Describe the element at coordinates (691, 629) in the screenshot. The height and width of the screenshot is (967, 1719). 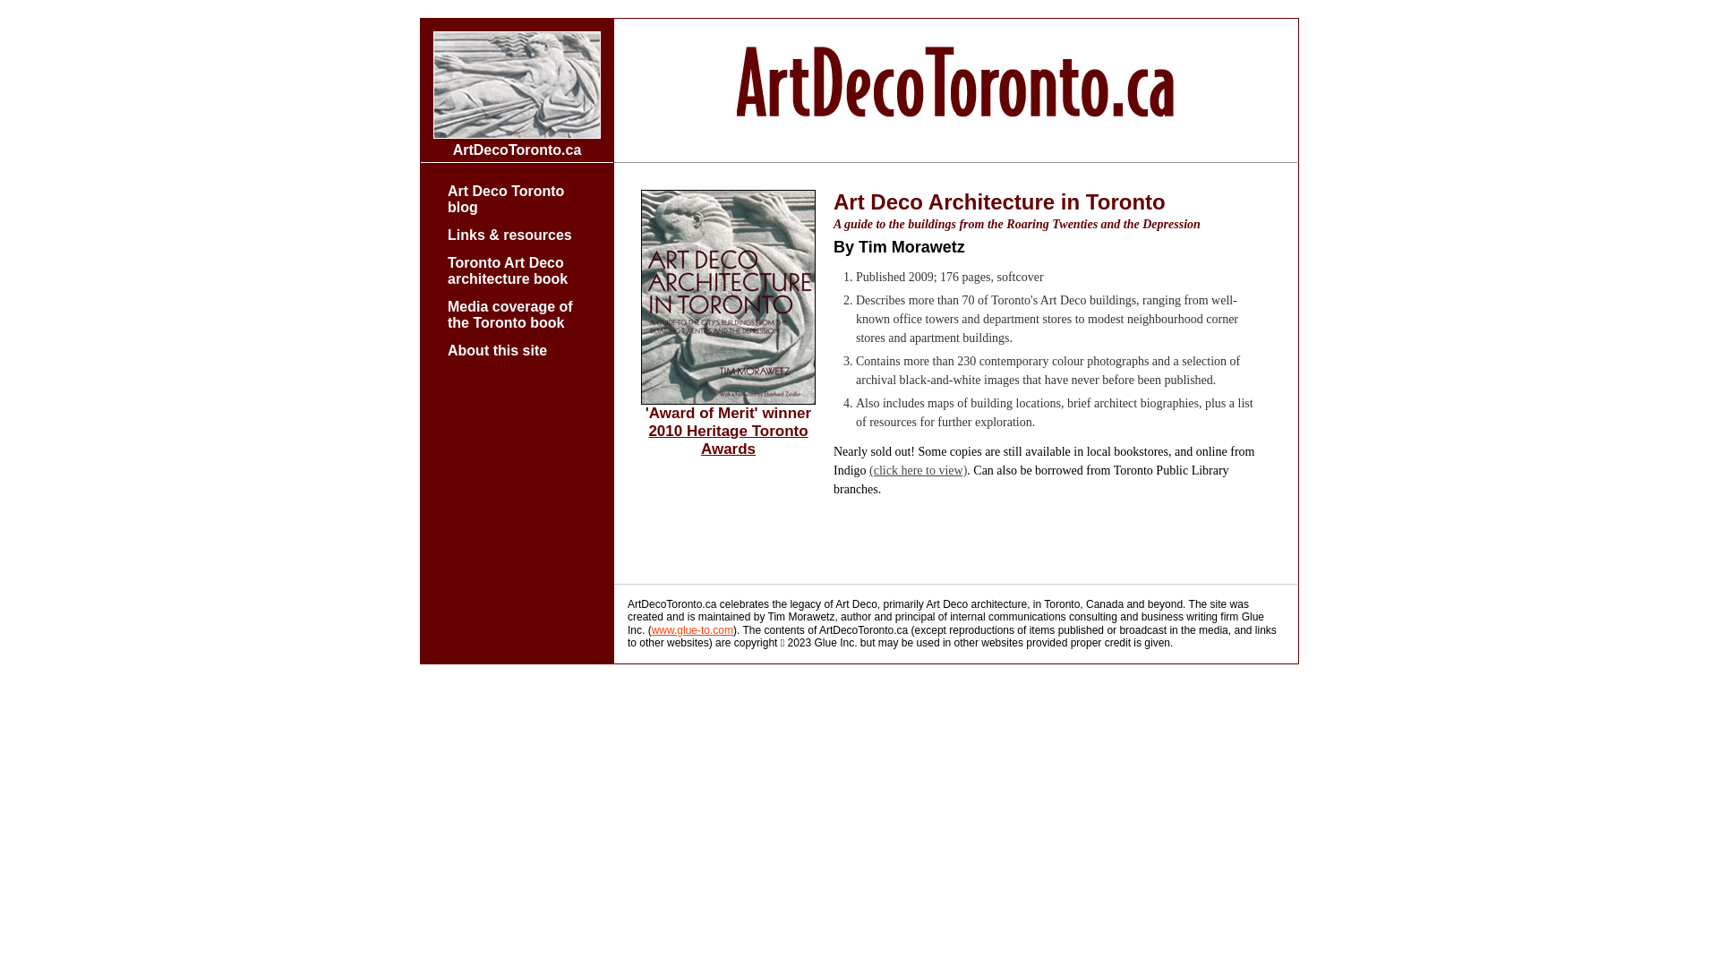
I see `'www.glue-to.com'` at that location.